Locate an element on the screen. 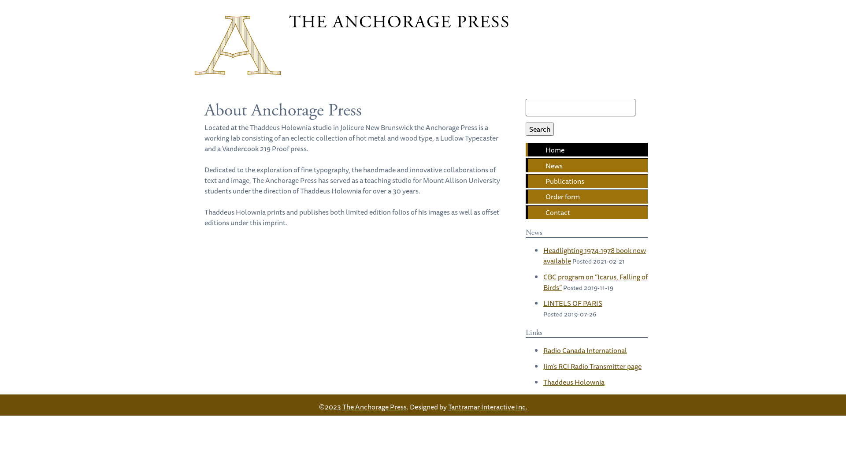 The height and width of the screenshot is (476, 846). 'Tantramar Interactive Inc' is located at coordinates (486, 406).